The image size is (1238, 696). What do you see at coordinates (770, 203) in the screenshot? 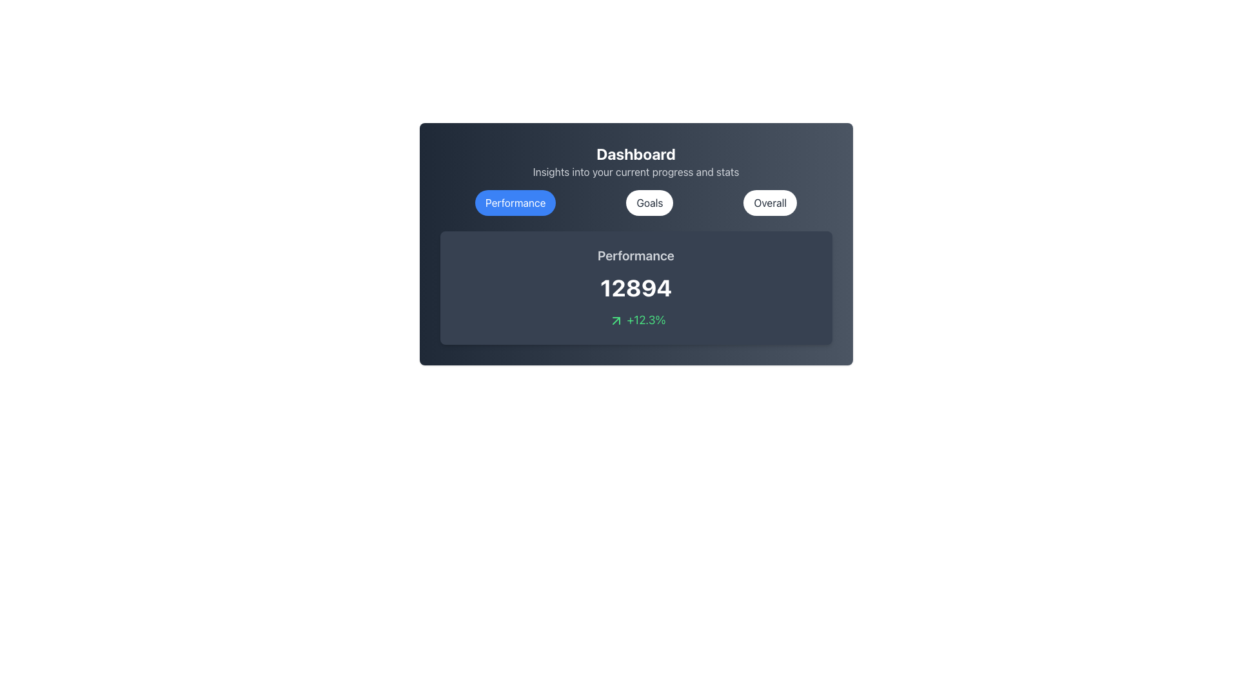
I see `the 'Overall' button, which is the third button in a group of three horizontally aligned buttons, styled as a rounded rectangle with a white background and gray text` at bounding box center [770, 203].